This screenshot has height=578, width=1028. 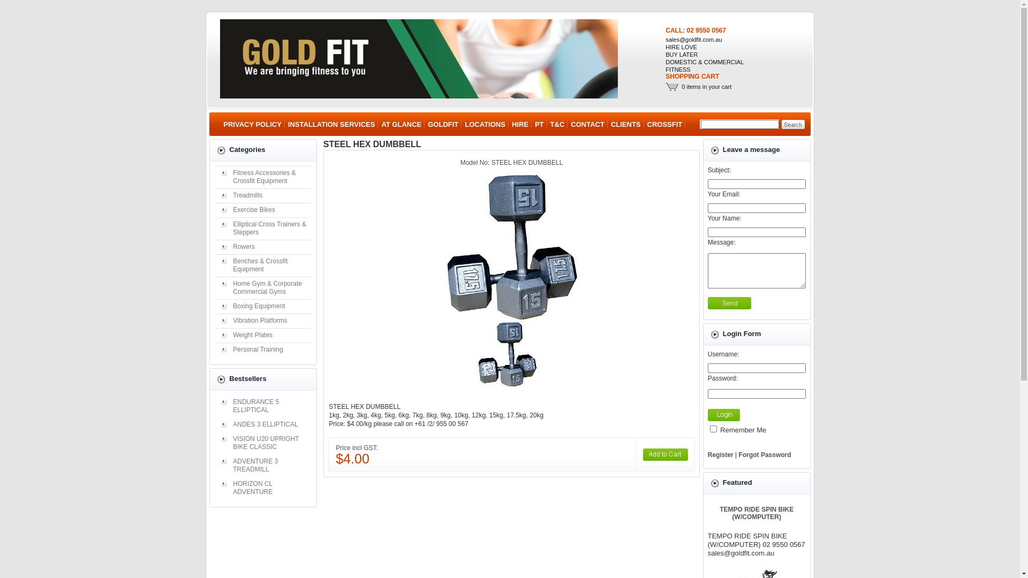 I want to click on 'Weight Plates', so click(x=263, y=334).